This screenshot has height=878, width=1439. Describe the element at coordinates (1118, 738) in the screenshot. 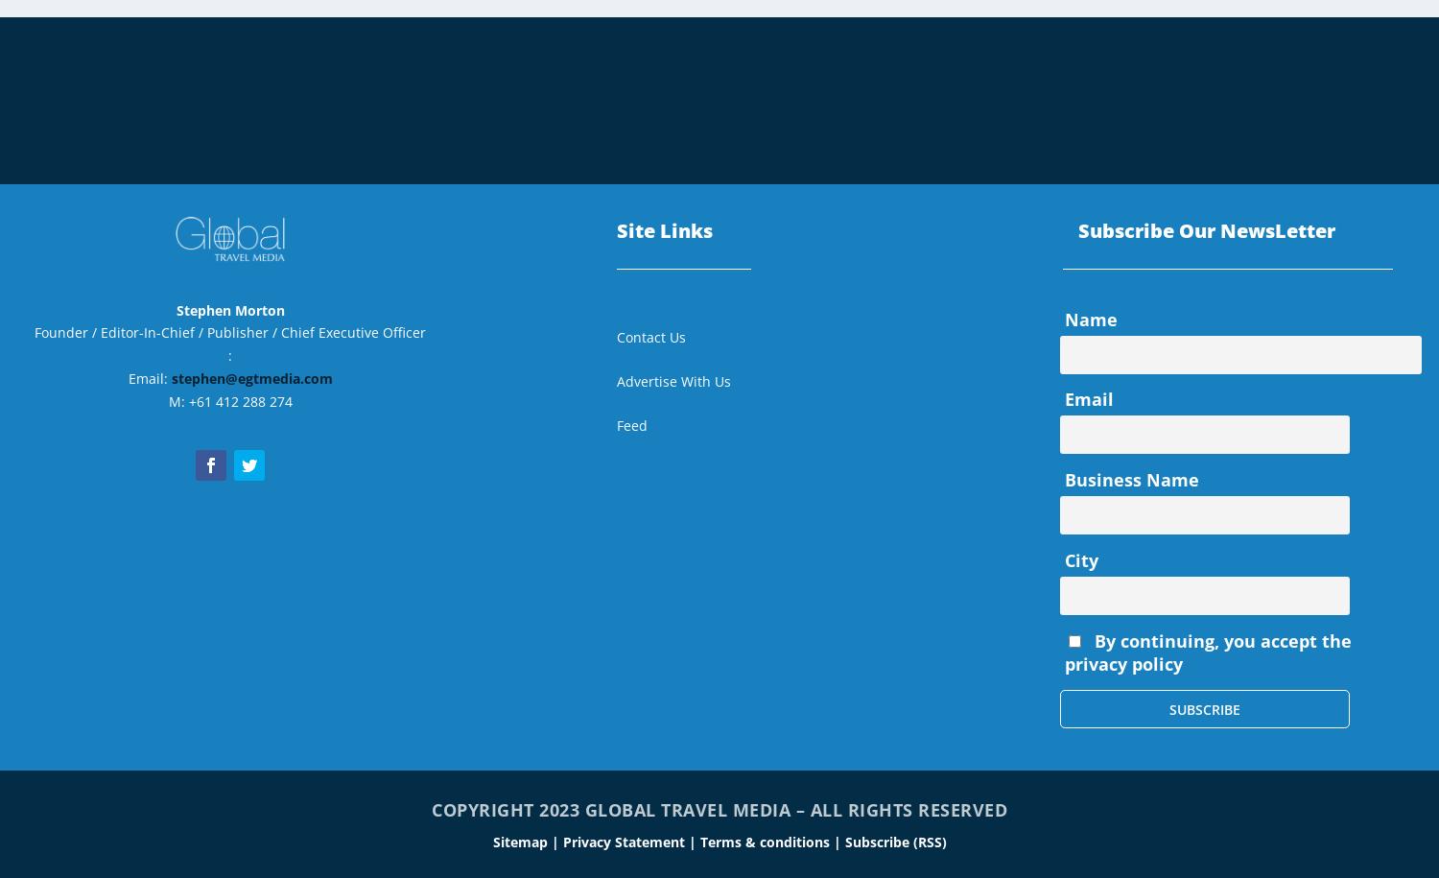

I see `'November 2020'` at that location.